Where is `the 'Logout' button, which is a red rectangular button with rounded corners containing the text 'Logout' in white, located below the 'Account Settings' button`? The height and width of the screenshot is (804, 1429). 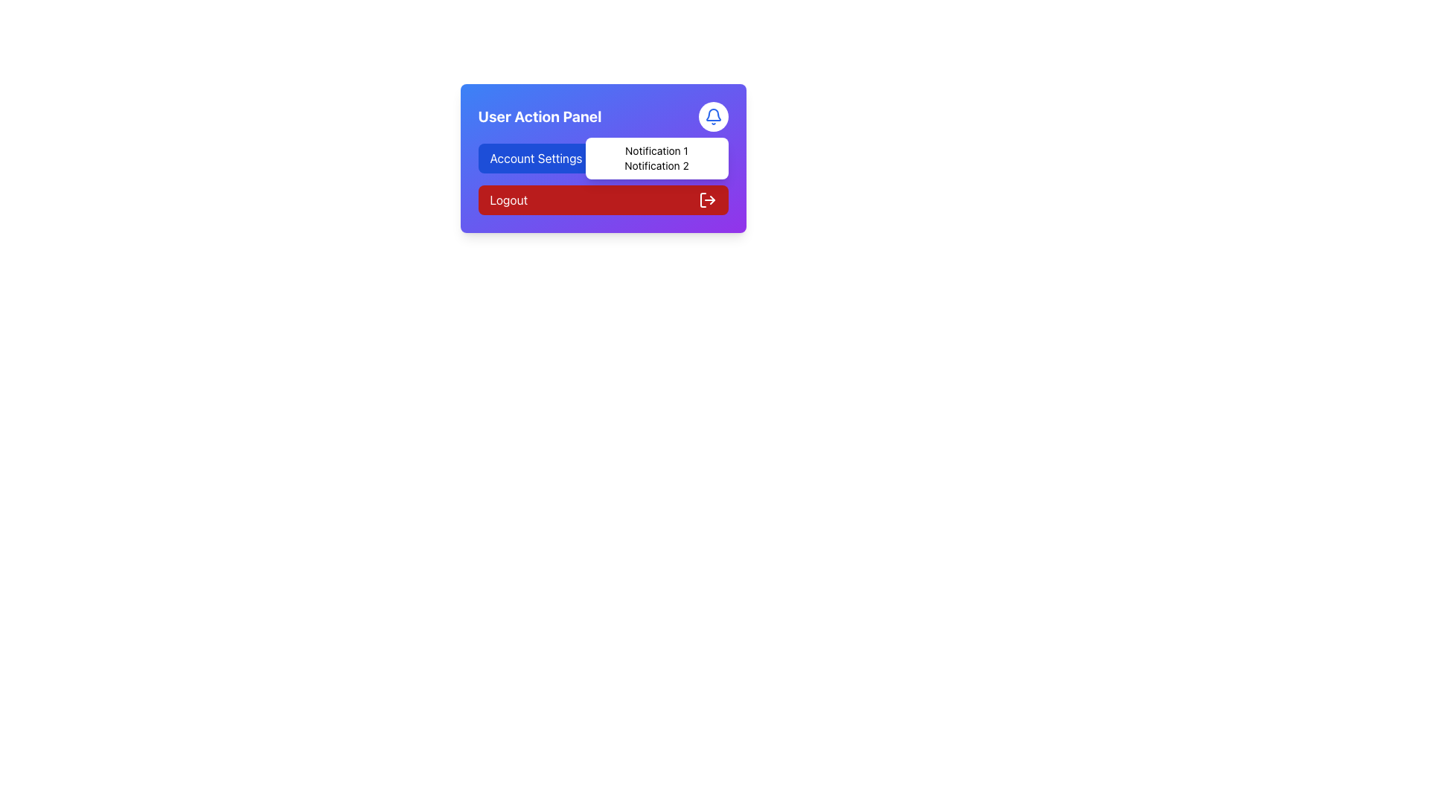
the 'Logout' button, which is a red rectangular button with rounded corners containing the text 'Logout' in white, located below the 'Account Settings' button is located at coordinates (508, 200).